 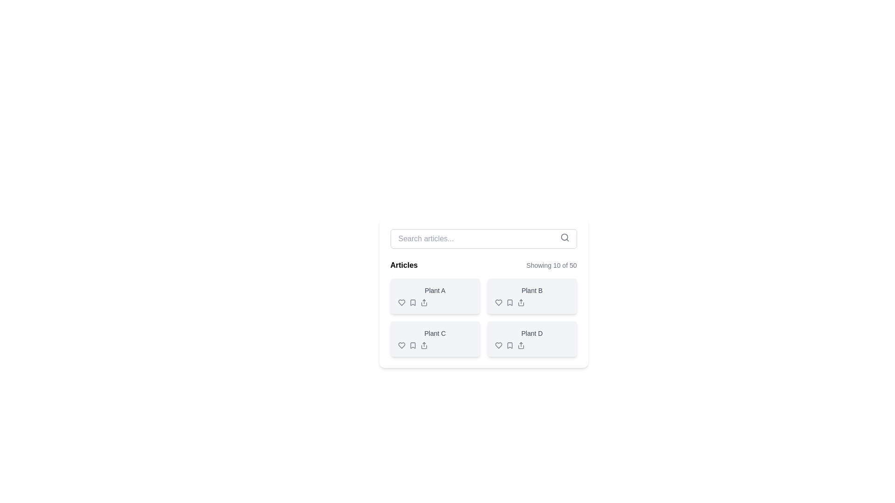 What do you see at coordinates (509, 303) in the screenshot?
I see `the bookmark icon located in the card for 'Plant B', positioned between the heart icon and the share icon` at bounding box center [509, 303].